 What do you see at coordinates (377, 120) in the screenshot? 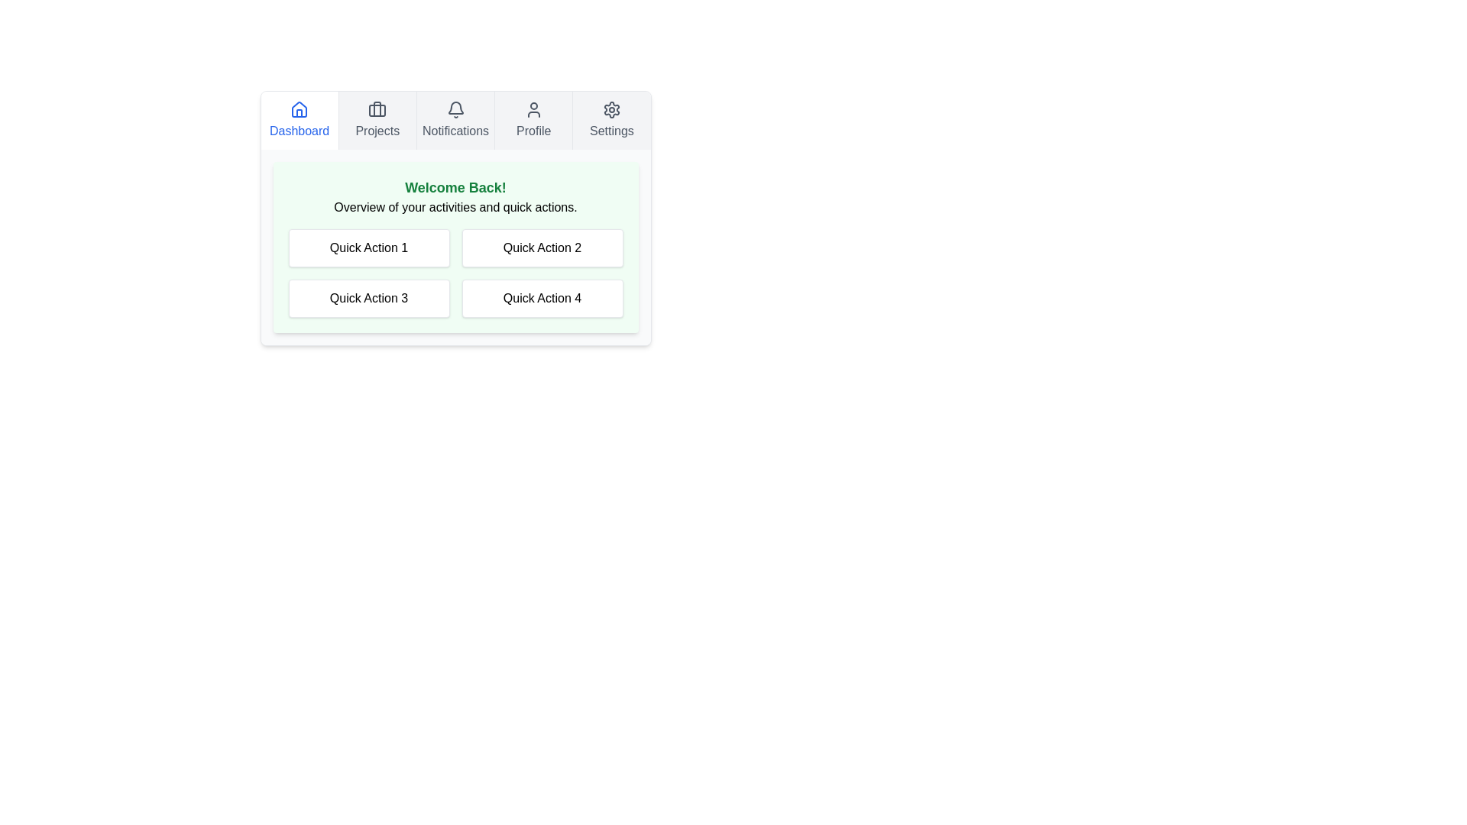
I see `the navigation button that redirects to the 'Projects' section, located in the second position from the left in the horizontal navigation bar` at bounding box center [377, 120].